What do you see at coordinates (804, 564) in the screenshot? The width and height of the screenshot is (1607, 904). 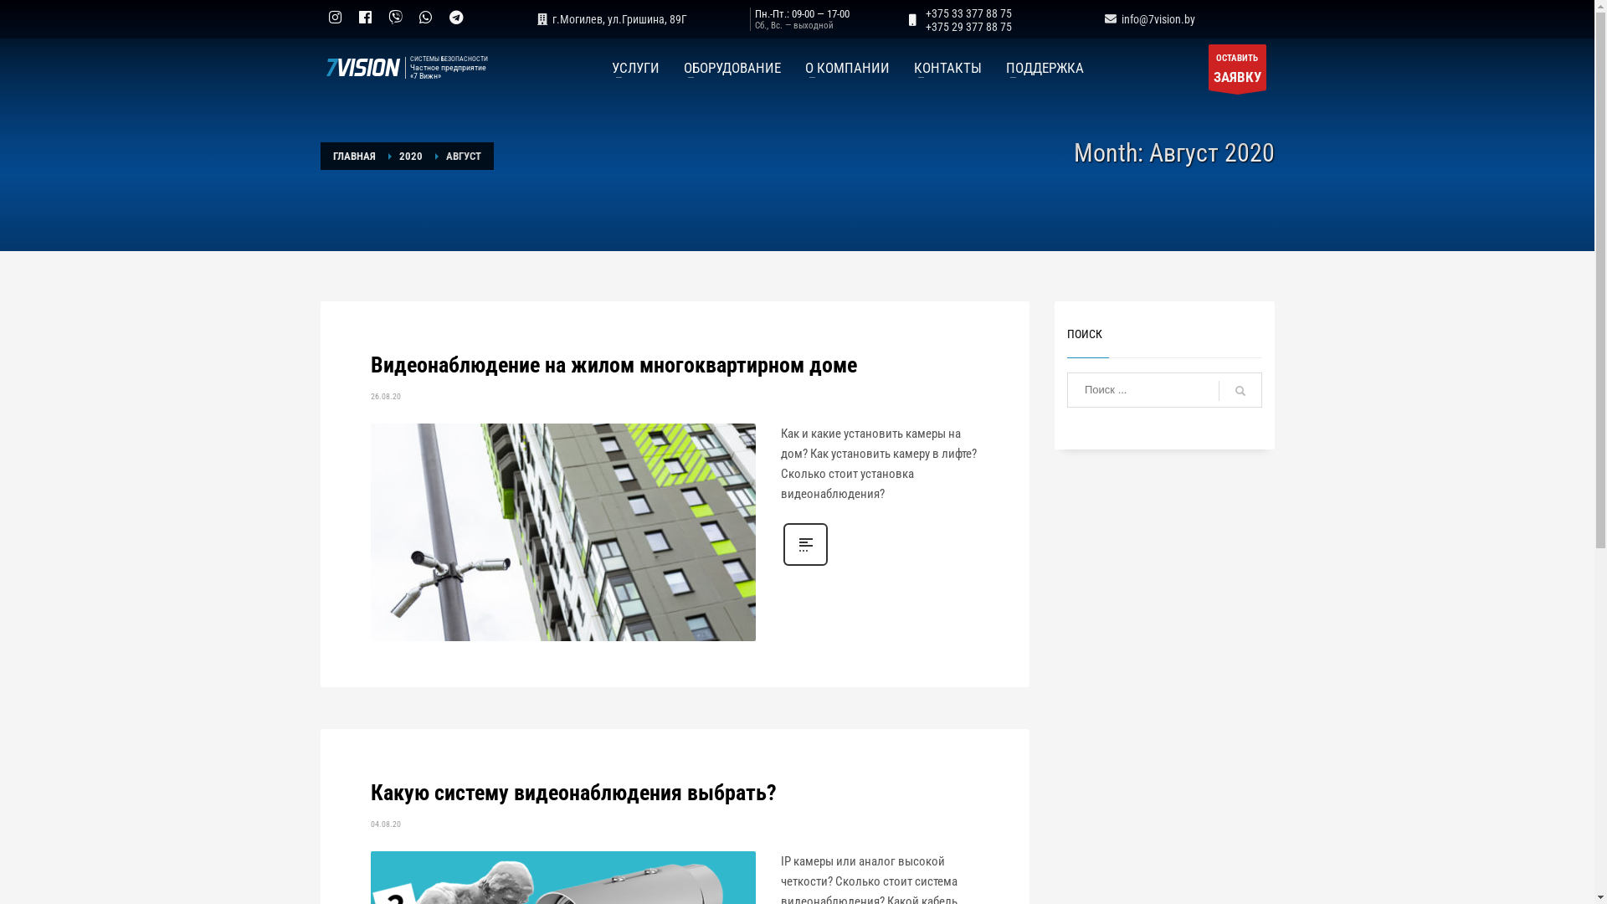 I see `'Read more'` at bounding box center [804, 564].